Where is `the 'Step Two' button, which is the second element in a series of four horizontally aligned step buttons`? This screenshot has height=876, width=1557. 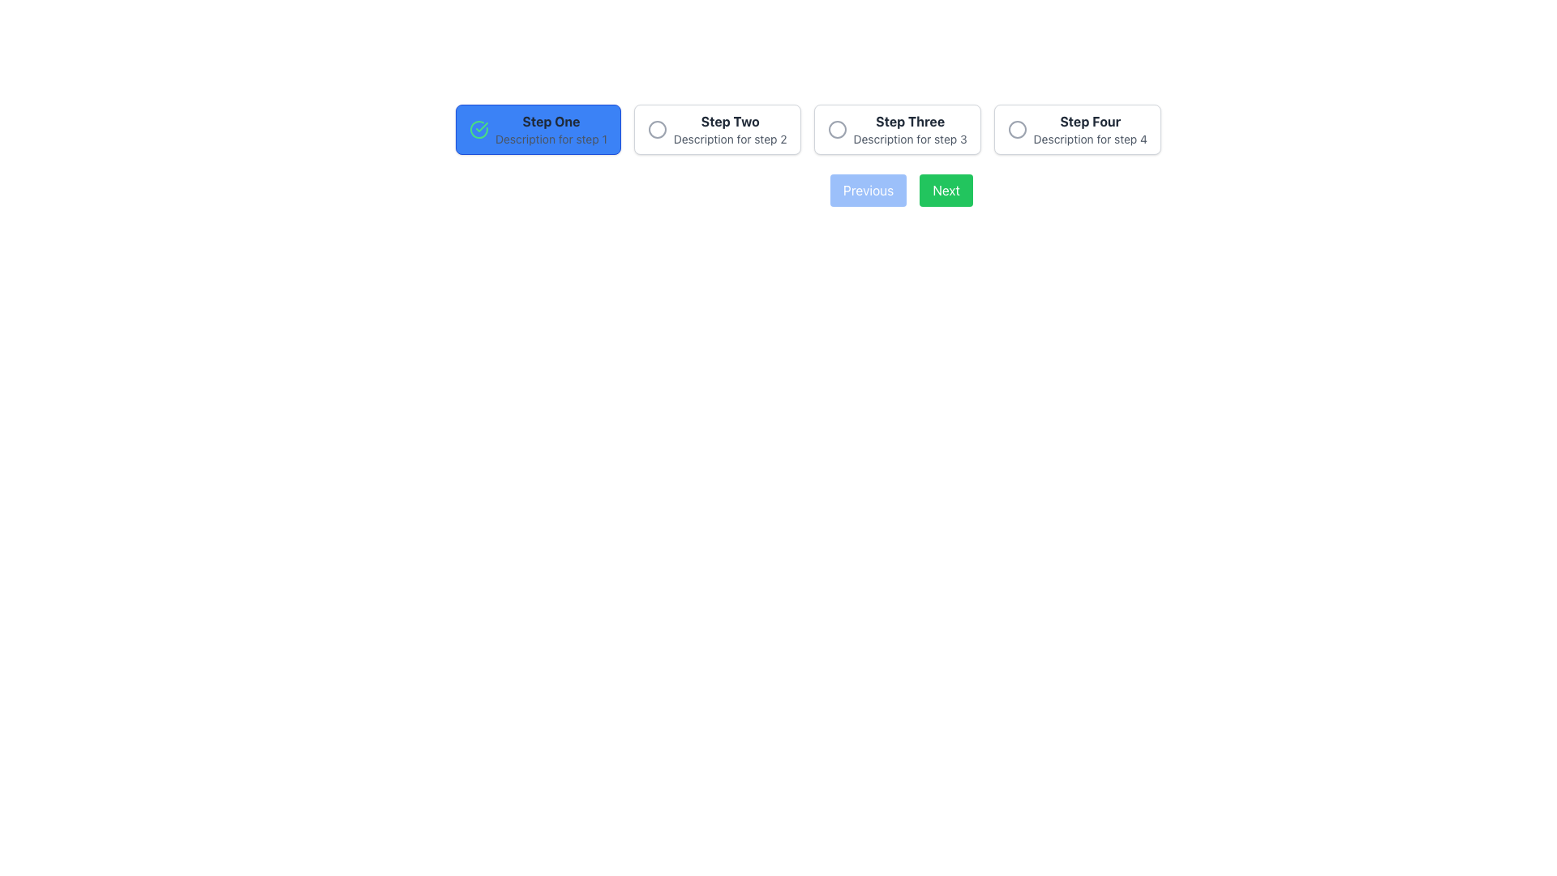
the 'Step Two' button, which is the second element in a series of four horizontally aligned step buttons is located at coordinates (716, 128).